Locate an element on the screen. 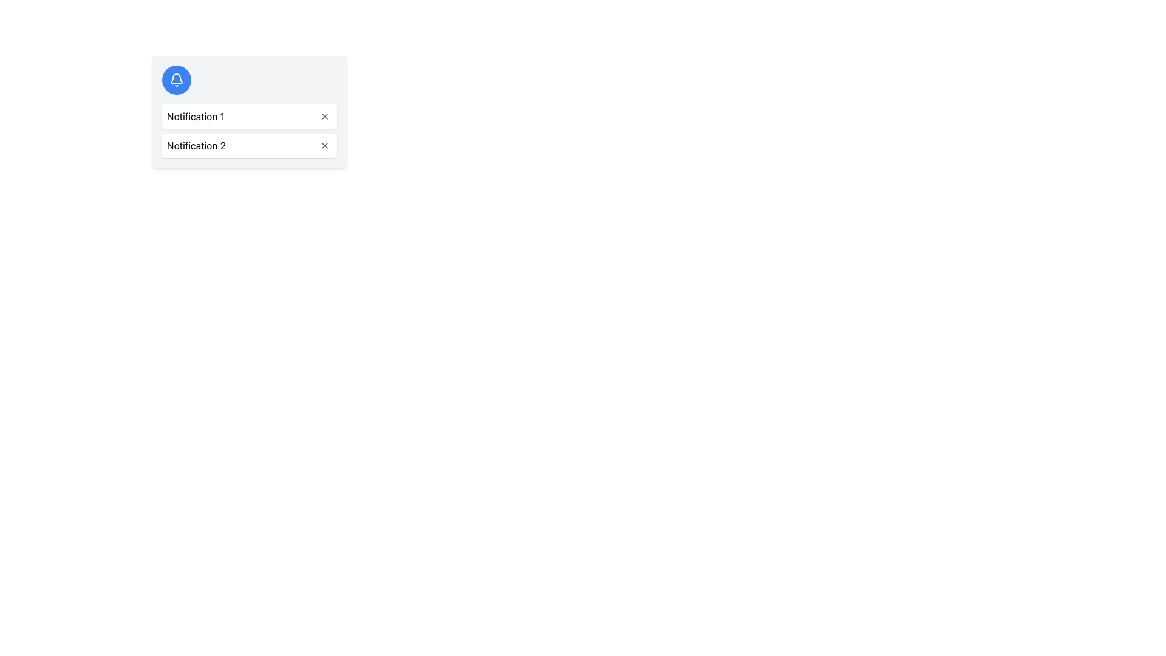 The image size is (1166, 656). text content of the notification label located below 'Notification 1' in the lower section of the notification area is located at coordinates (196, 145).